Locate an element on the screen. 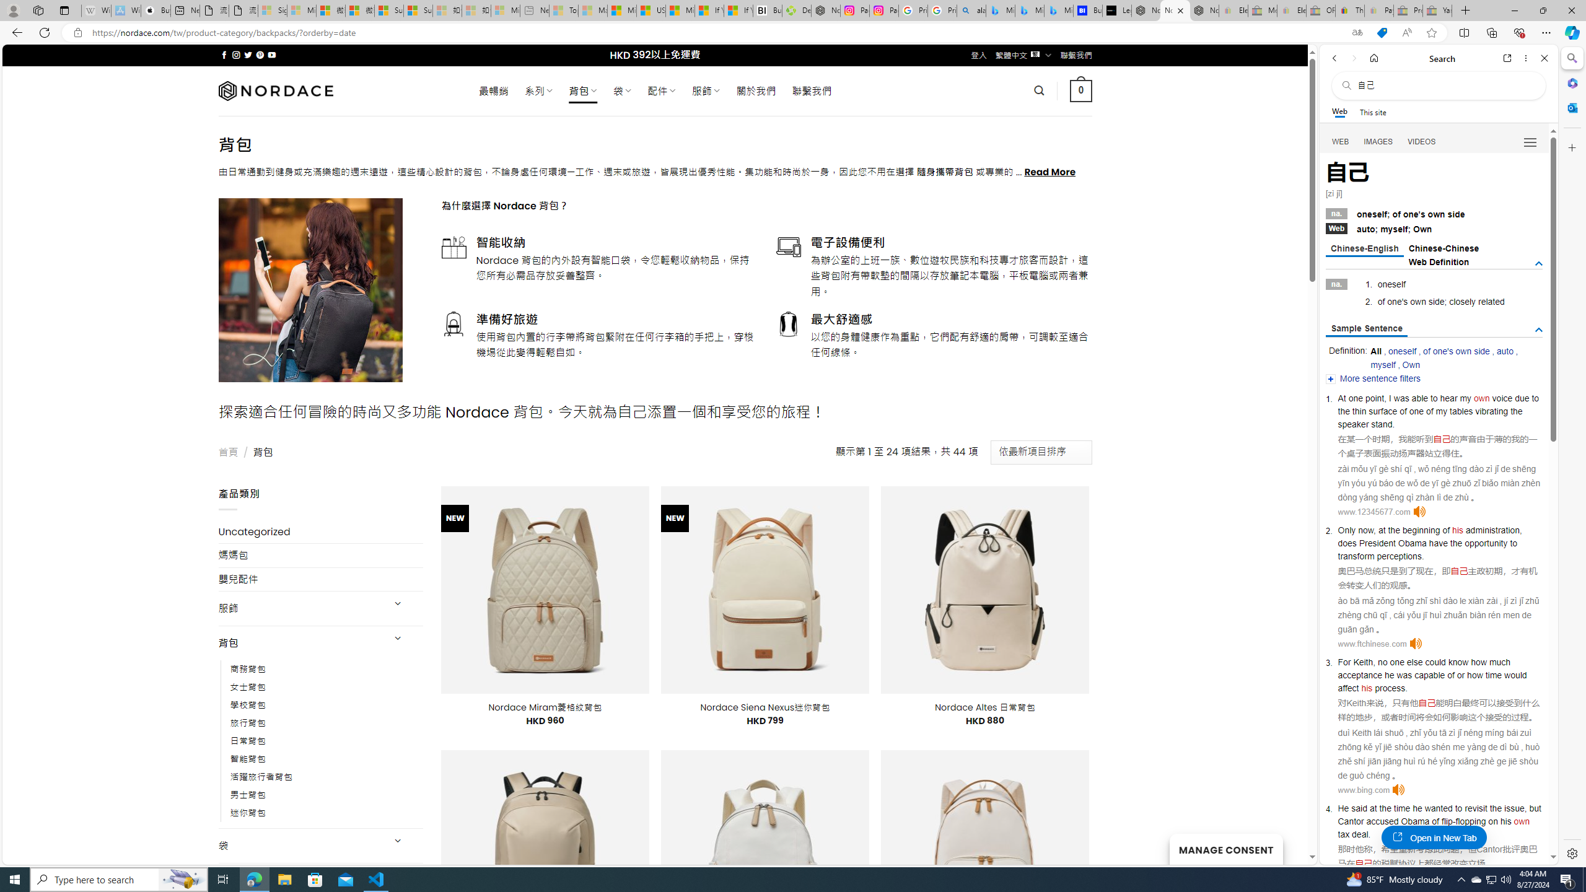 Image resolution: width=1586 pixels, height=892 pixels. 'Keith' is located at coordinates (1356, 702).